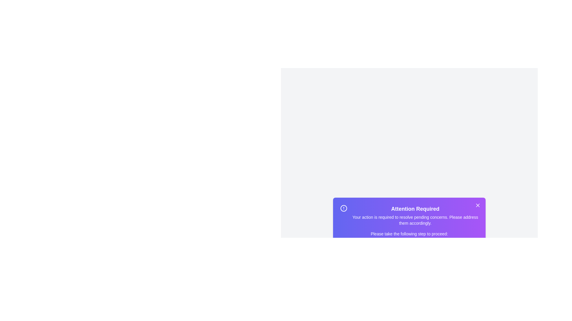  I want to click on text notification content located at the top-center of the notification panel, situated below the exclamation mark icon and above the subsequent instructions, so click(415, 215).